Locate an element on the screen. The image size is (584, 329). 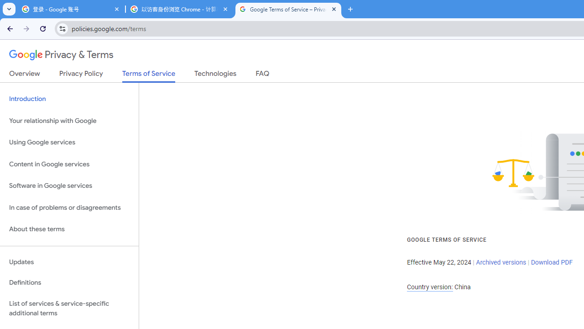
'Content in Google services' is located at coordinates (69, 164).